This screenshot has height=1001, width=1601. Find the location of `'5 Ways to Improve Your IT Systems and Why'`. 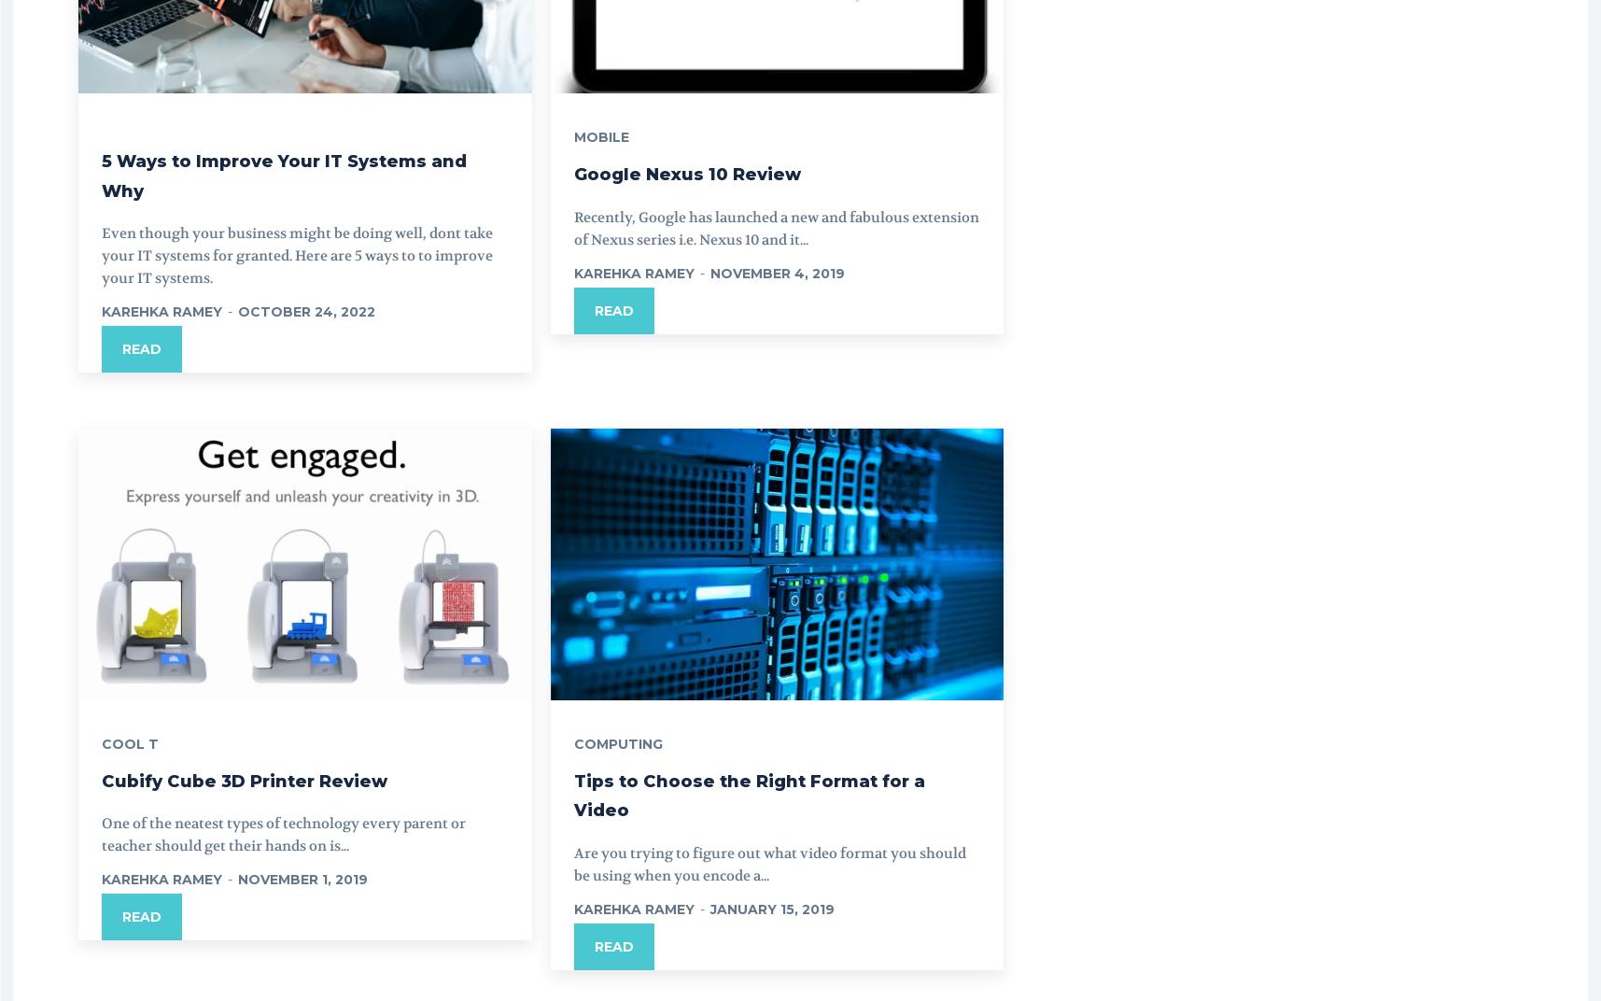

'5 Ways to Improve Your IT Systems and Why' is located at coordinates (258, 172).